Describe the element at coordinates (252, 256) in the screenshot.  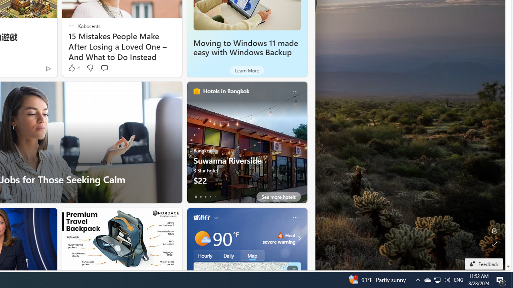
I see `'Map'` at that location.